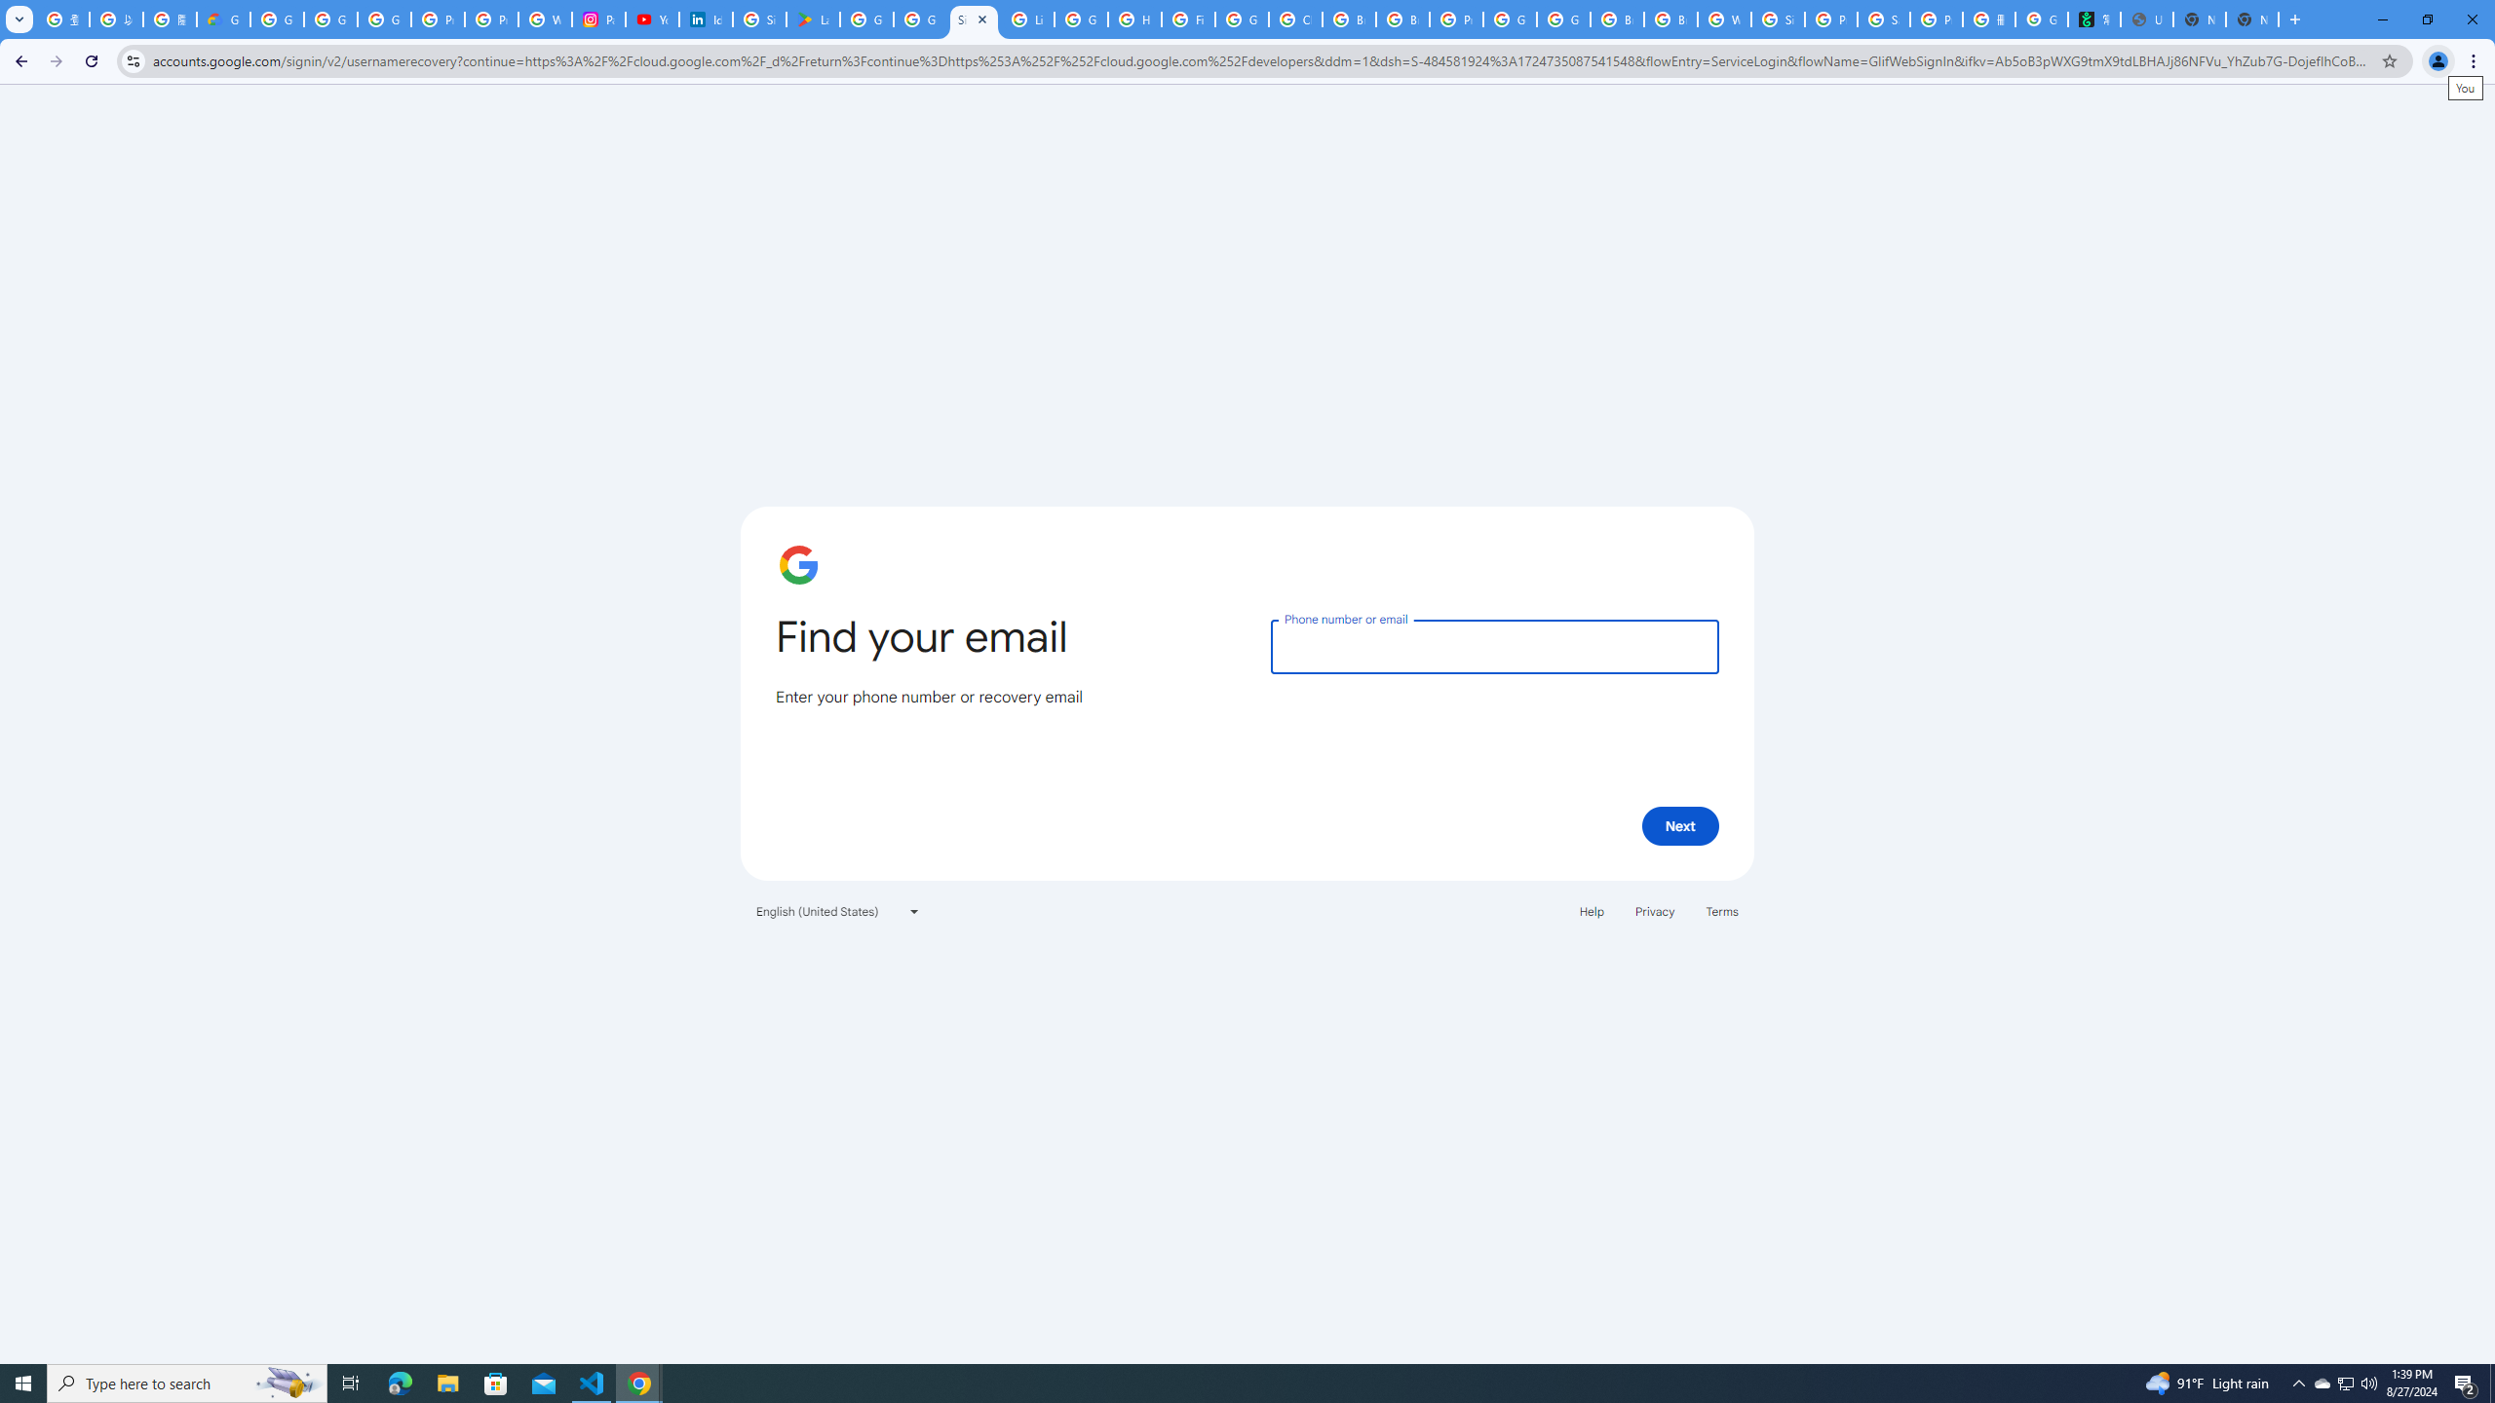  What do you see at coordinates (56, 60) in the screenshot?
I see `'Forward'` at bounding box center [56, 60].